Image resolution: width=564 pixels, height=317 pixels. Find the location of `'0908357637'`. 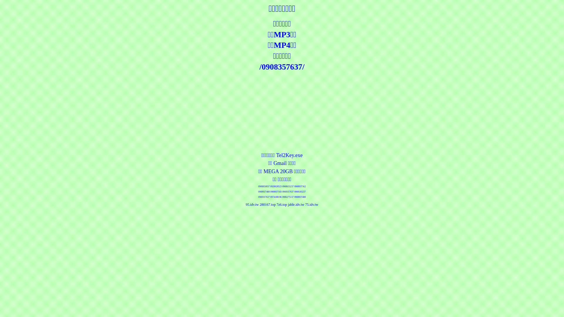

'0908357637' is located at coordinates (282, 192).